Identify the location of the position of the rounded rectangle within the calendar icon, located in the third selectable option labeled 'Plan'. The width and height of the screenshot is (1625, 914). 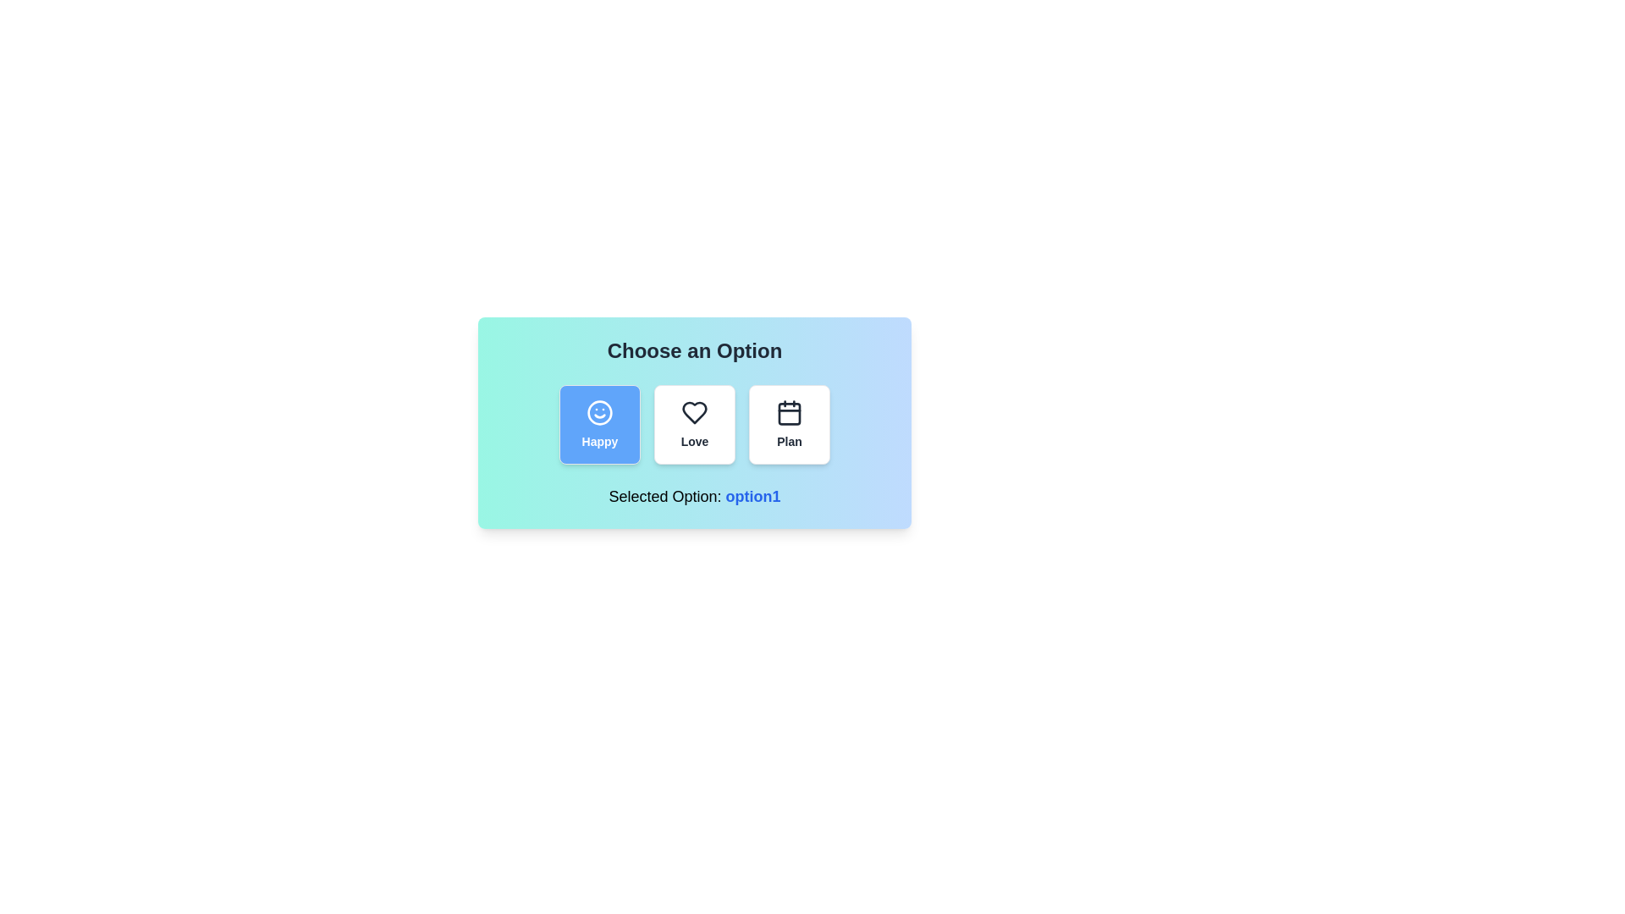
(788, 414).